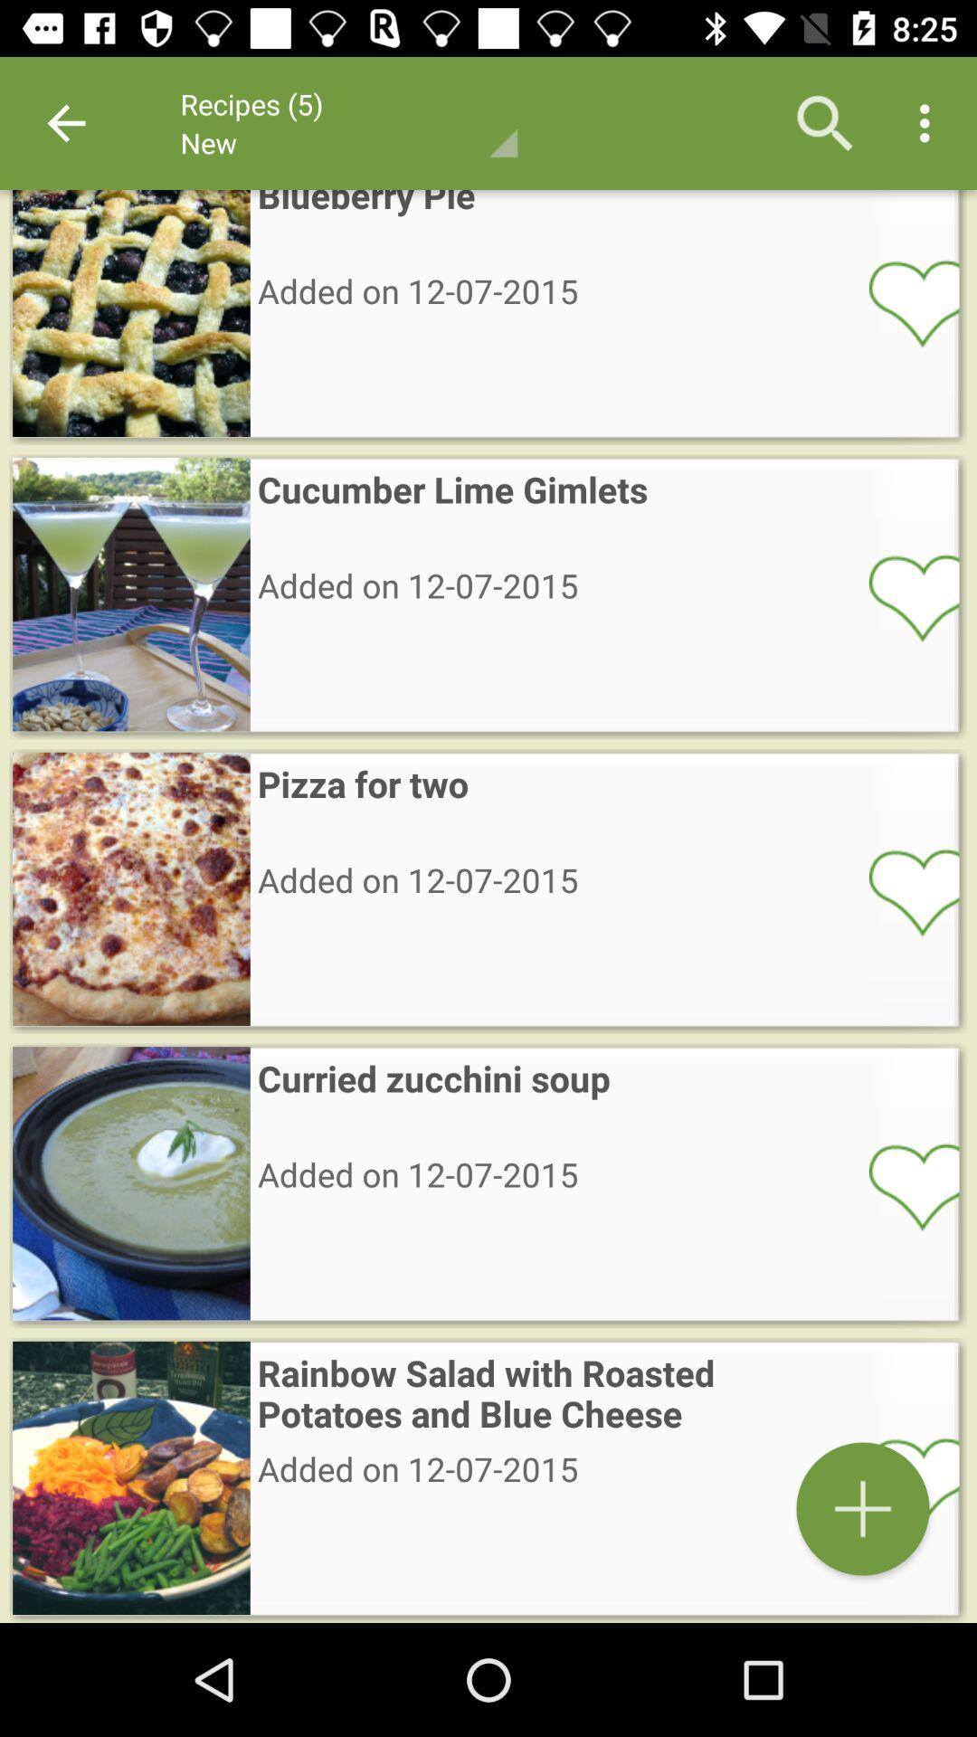 This screenshot has width=977, height=1737. I want to click on like or heart item, so click(902, 597).